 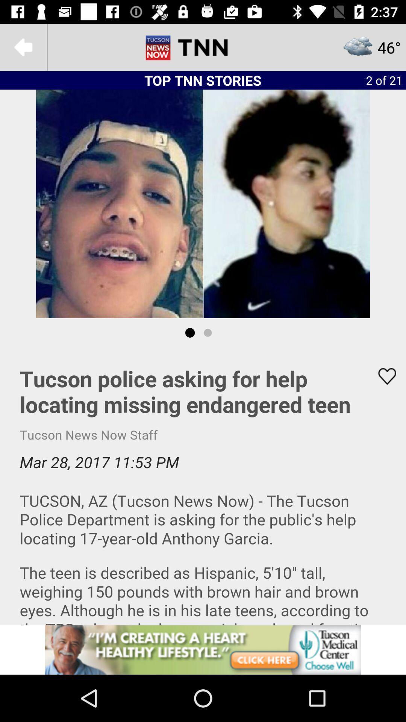 What do you see at coordinates (23, 47) in the screenshot?
I see `the arrow_backward icon` at bounding box center [23, 47].